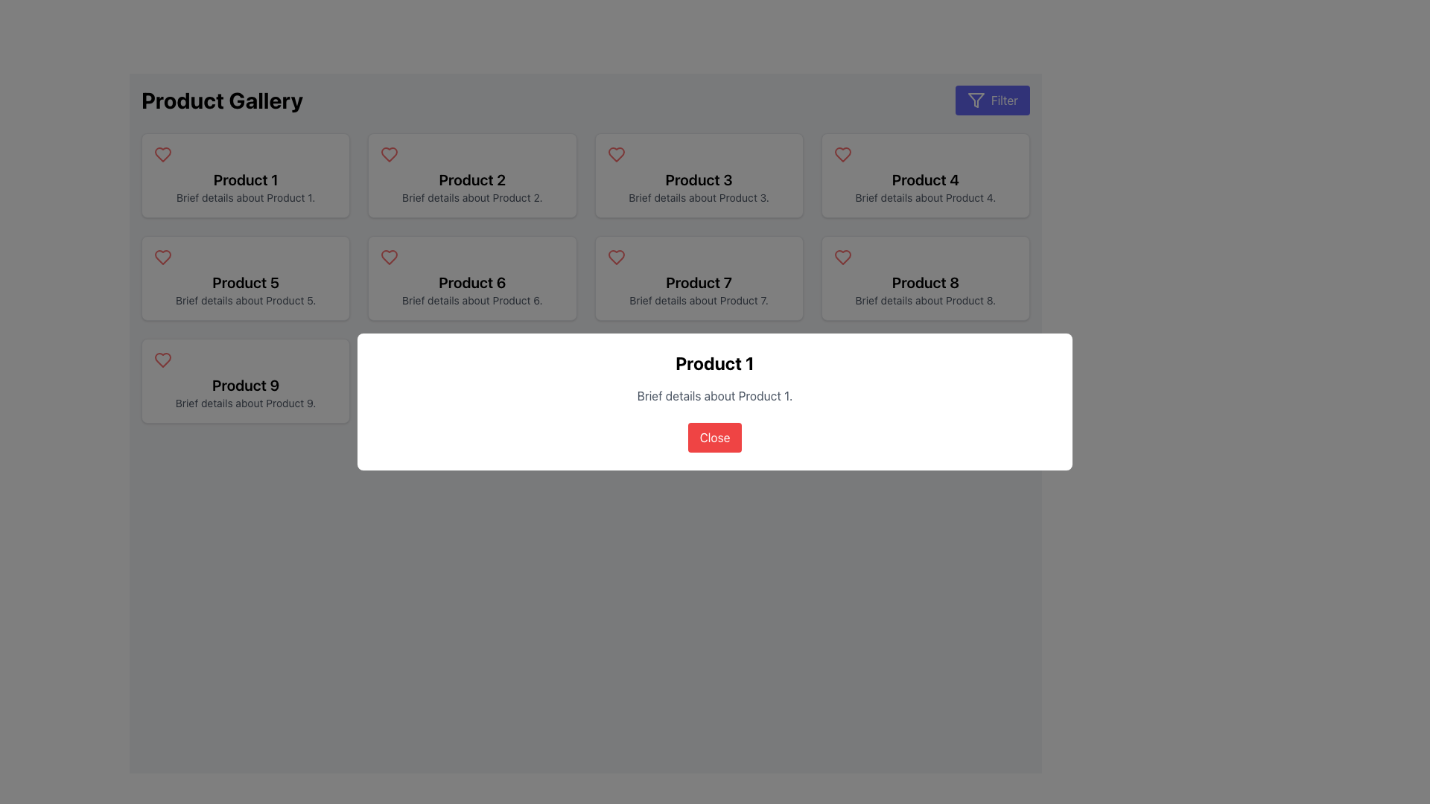 The image size is (1430, 804). I want to click on the heart-shaped icon button filled with red color located in the top-right corner of the 'Product 4' card, so click(842, 155).